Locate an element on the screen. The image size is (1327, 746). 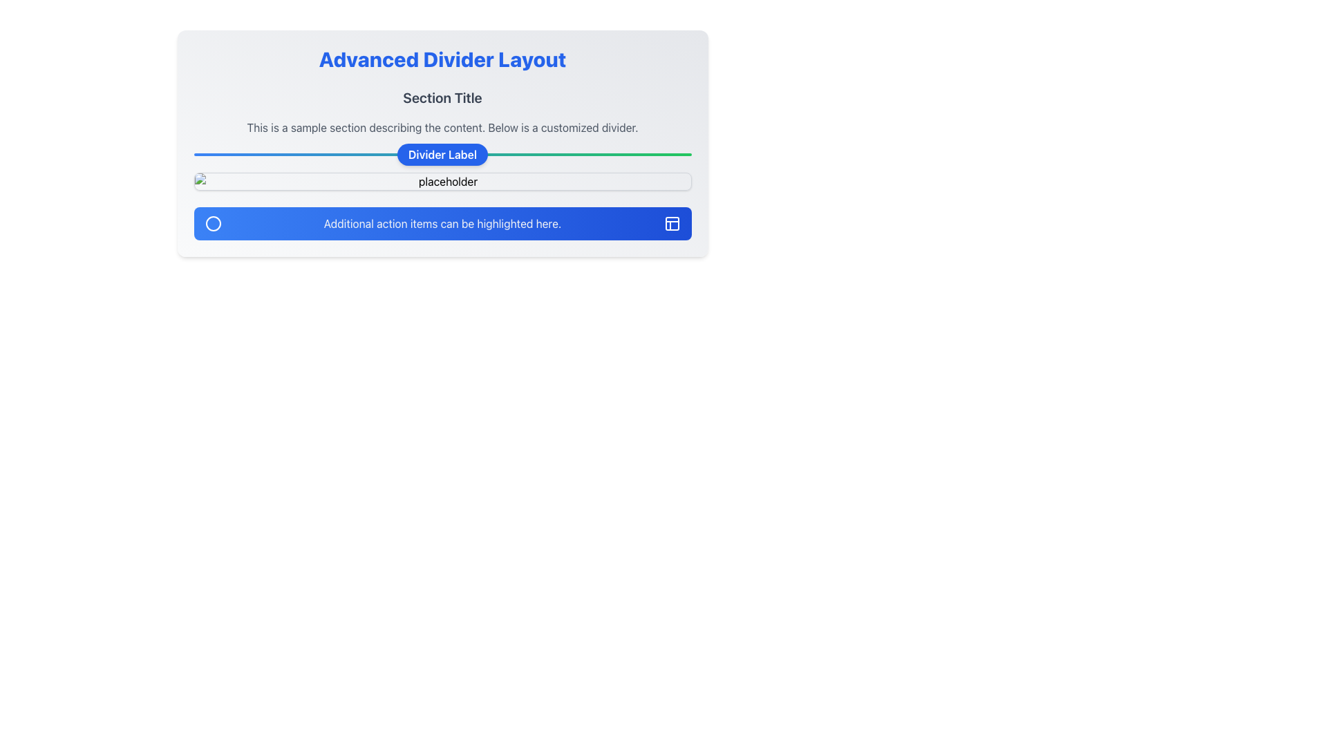
text of the Label that serves as a visual title for the section, positioned centrally above a horizontal divider line is located at coordinates (442, 154).